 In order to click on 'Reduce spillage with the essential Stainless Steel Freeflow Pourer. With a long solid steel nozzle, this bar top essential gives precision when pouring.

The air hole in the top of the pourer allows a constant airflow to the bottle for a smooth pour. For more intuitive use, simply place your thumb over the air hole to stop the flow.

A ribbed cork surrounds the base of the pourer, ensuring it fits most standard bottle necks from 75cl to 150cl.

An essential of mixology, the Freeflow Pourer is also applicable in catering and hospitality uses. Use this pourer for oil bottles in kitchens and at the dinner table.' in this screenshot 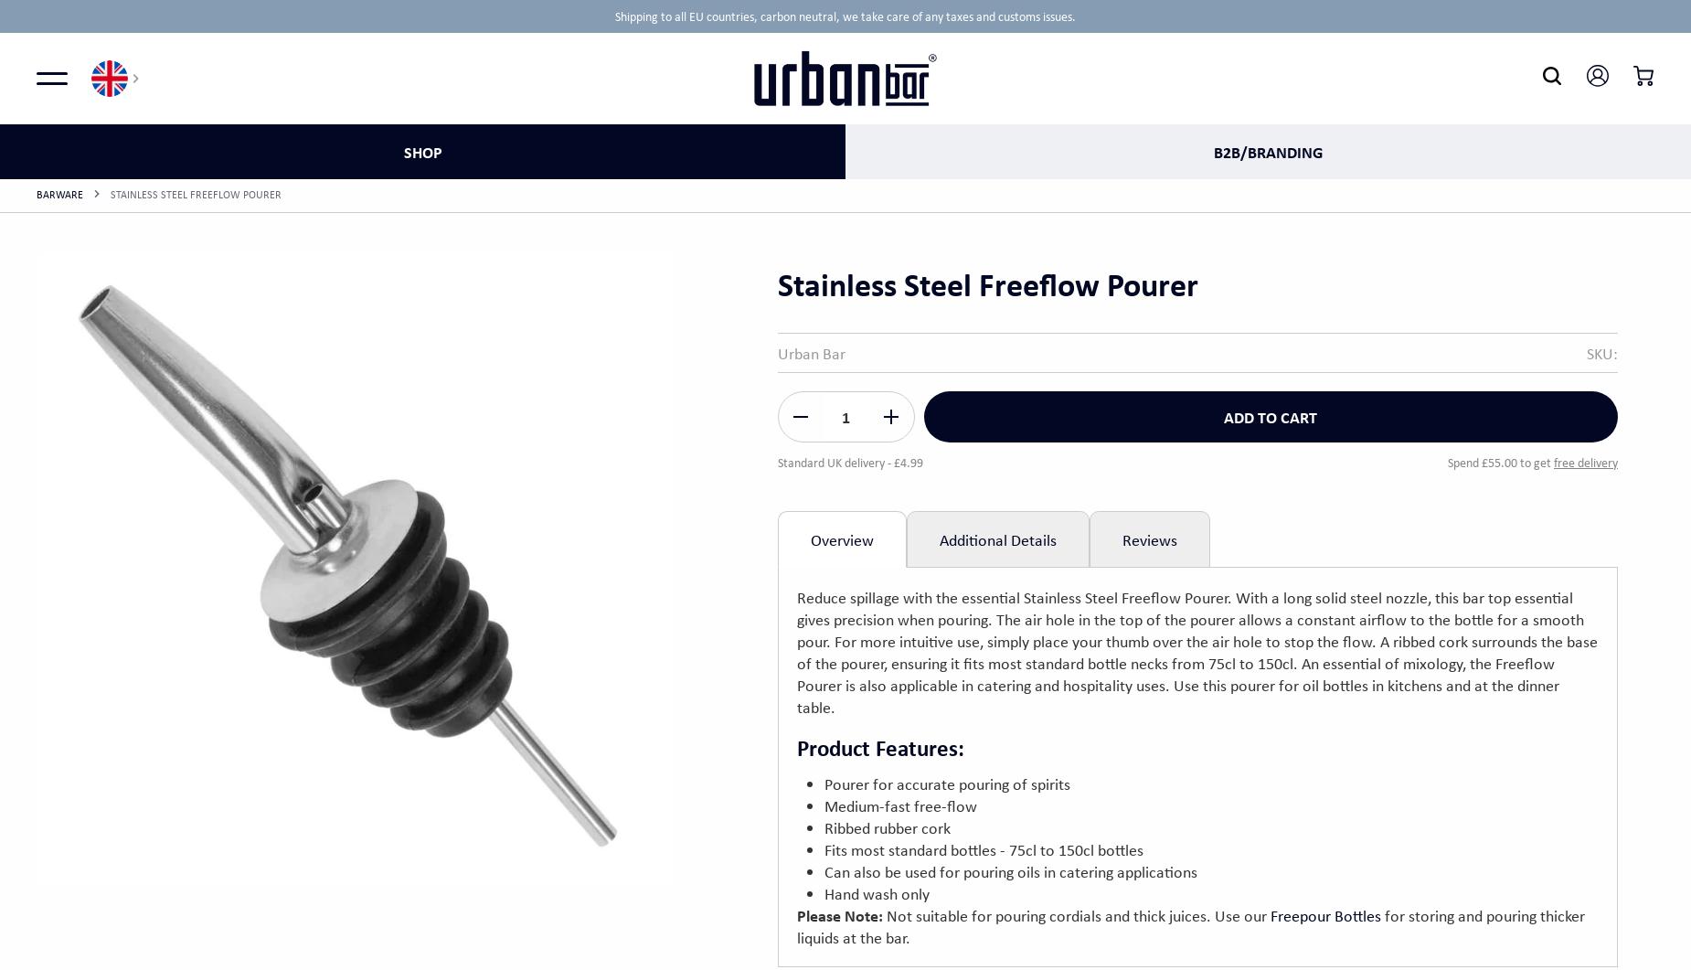, I will do `click(795, 651)`.